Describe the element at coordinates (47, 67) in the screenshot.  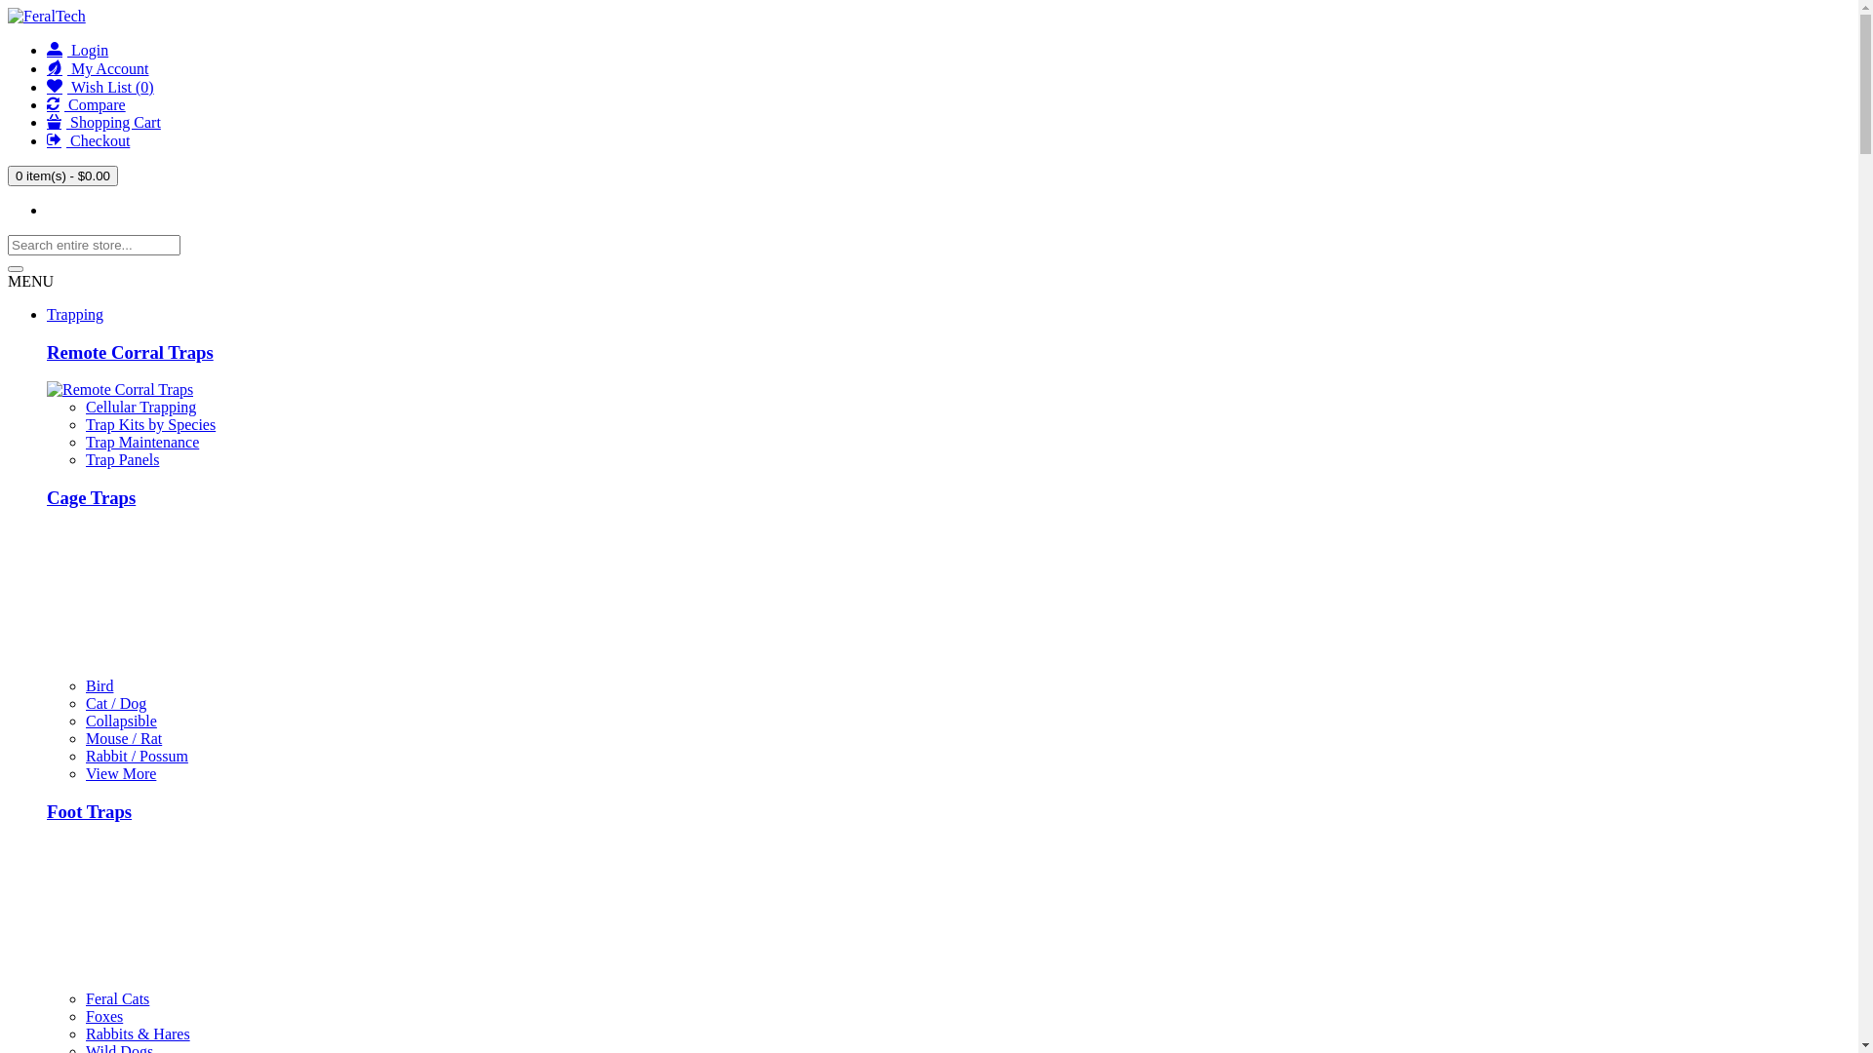
I see `'My Account'` at that location.